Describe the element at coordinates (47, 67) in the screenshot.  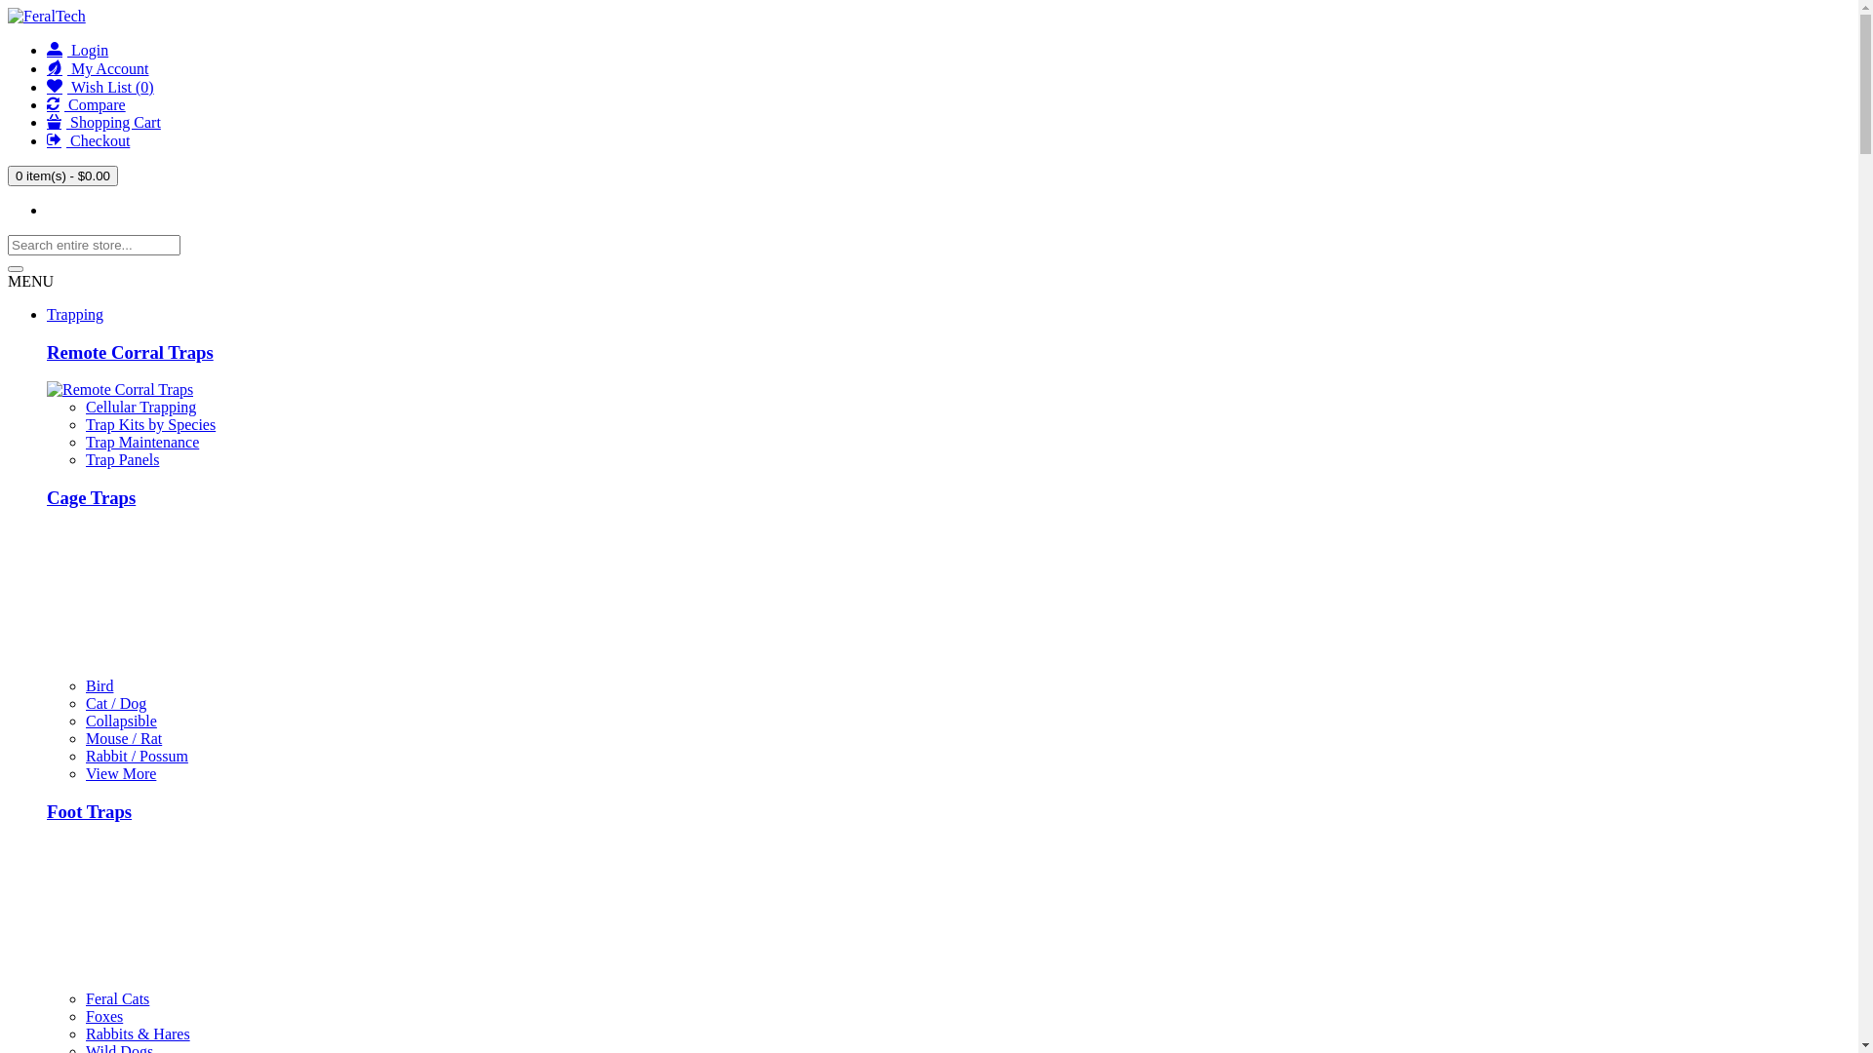
I see `'My Account'` at that location.